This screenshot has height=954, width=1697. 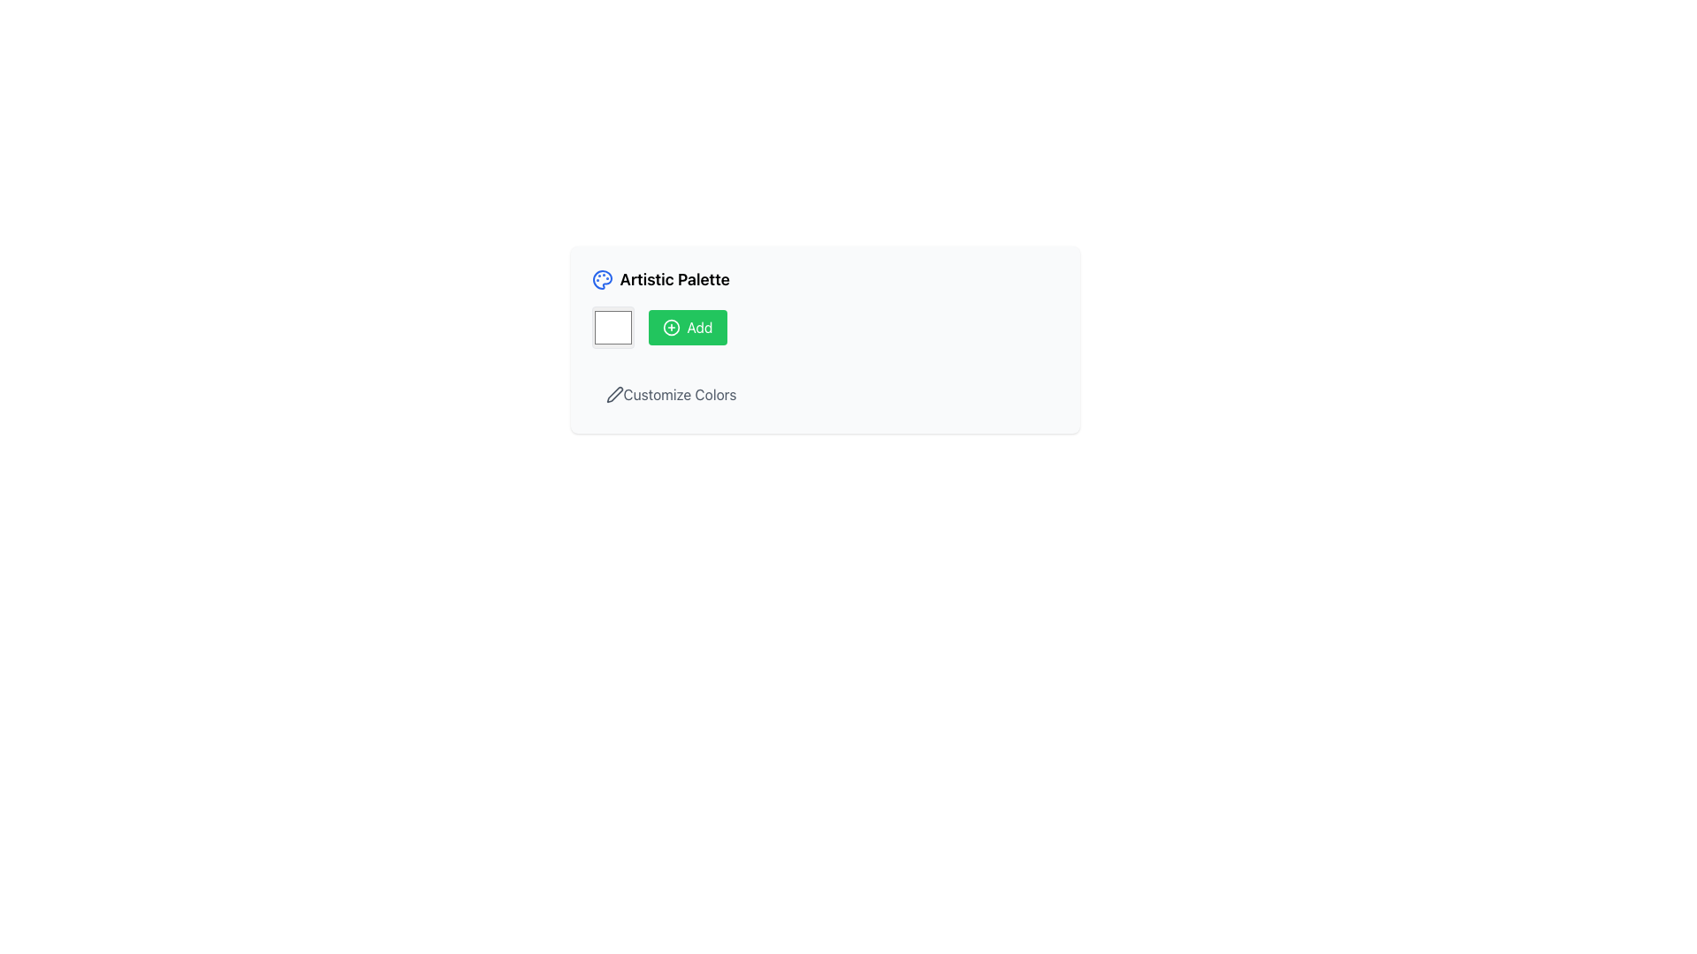 I want to click on the first color box in the horizontal sequence, so click(x=613, y=327).